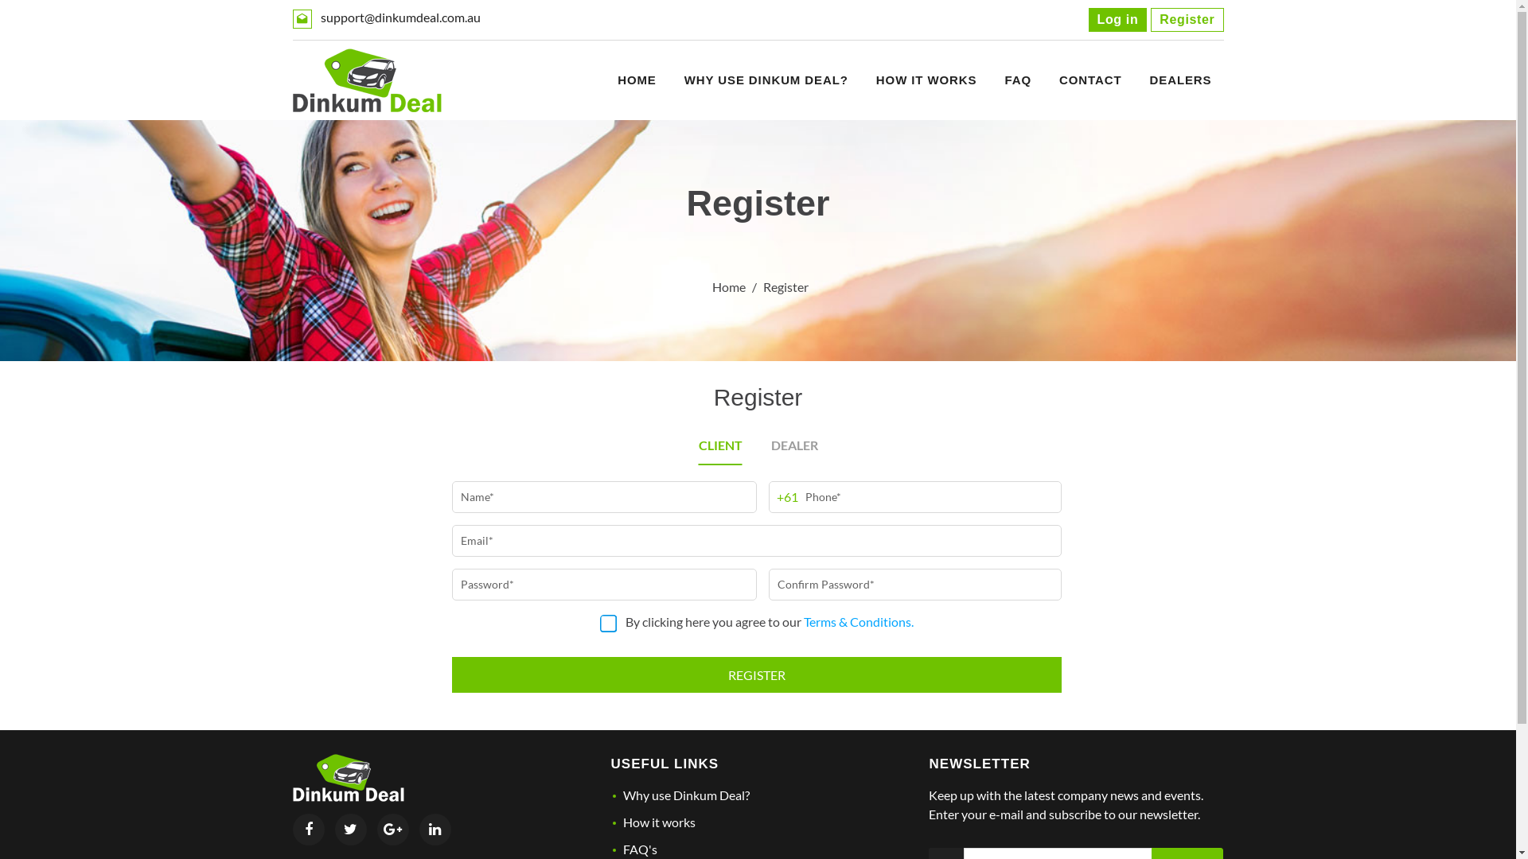  Describe the element at coordinates (637, 80) in the screenshot. I see `'HOME'` at that location.